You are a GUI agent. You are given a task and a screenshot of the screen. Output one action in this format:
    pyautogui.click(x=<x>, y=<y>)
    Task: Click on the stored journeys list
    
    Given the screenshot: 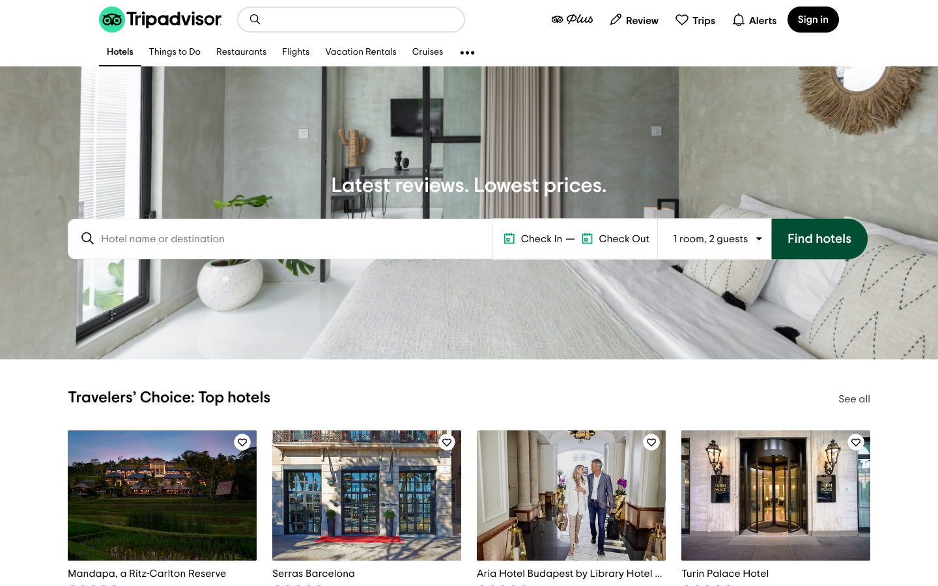 What is the action you would take?
    pyautogui.click(x=695, y=18)
    